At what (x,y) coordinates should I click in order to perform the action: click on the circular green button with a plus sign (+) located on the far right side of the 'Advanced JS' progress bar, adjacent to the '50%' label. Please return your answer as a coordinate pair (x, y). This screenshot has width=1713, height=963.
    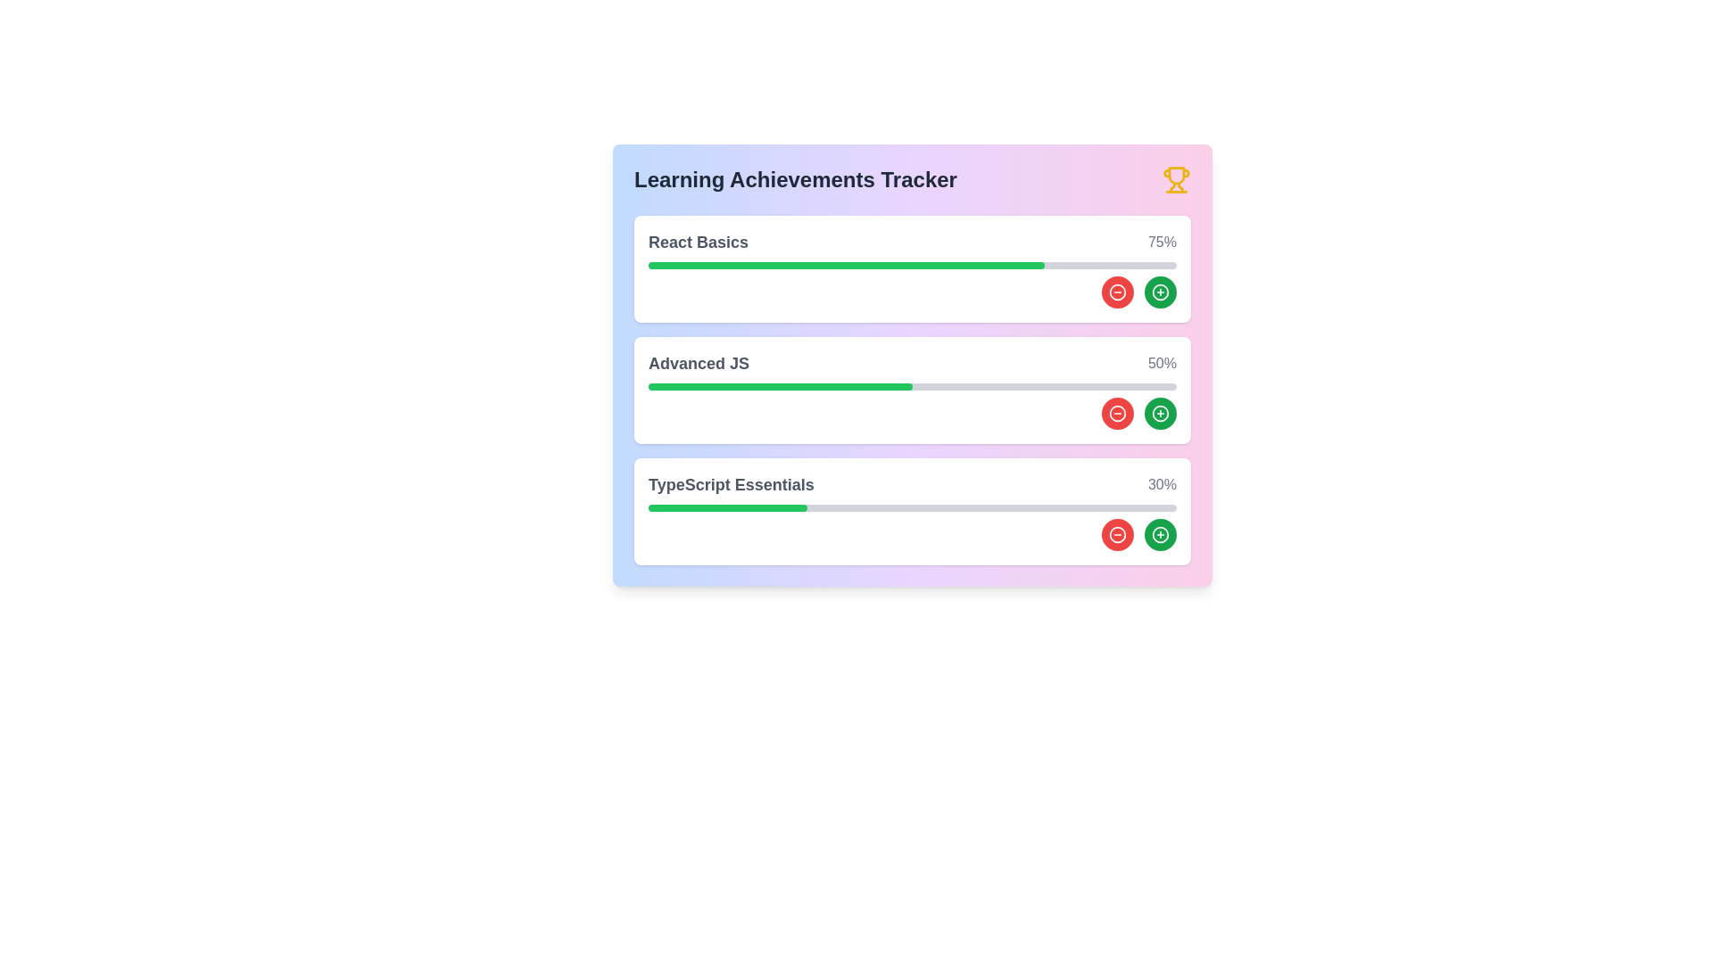
    Looking at the image, I should click on (1160, 413).